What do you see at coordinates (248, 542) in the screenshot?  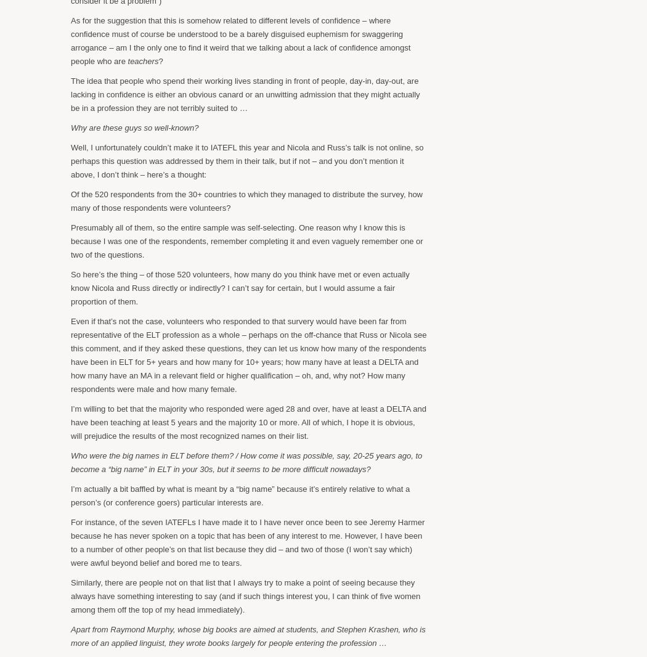 I see `'For instance, of the seven IATEFLs I have made it to I have never once been to see Jeremy Harmer because he has never spoken on a topic that has been of any interest to me. However, I have been to a number of other people’s on that list because they did – and two of those (I won’t say which) were awful beyond belief and bored me to tears.'` at bounding box center [248, 542].